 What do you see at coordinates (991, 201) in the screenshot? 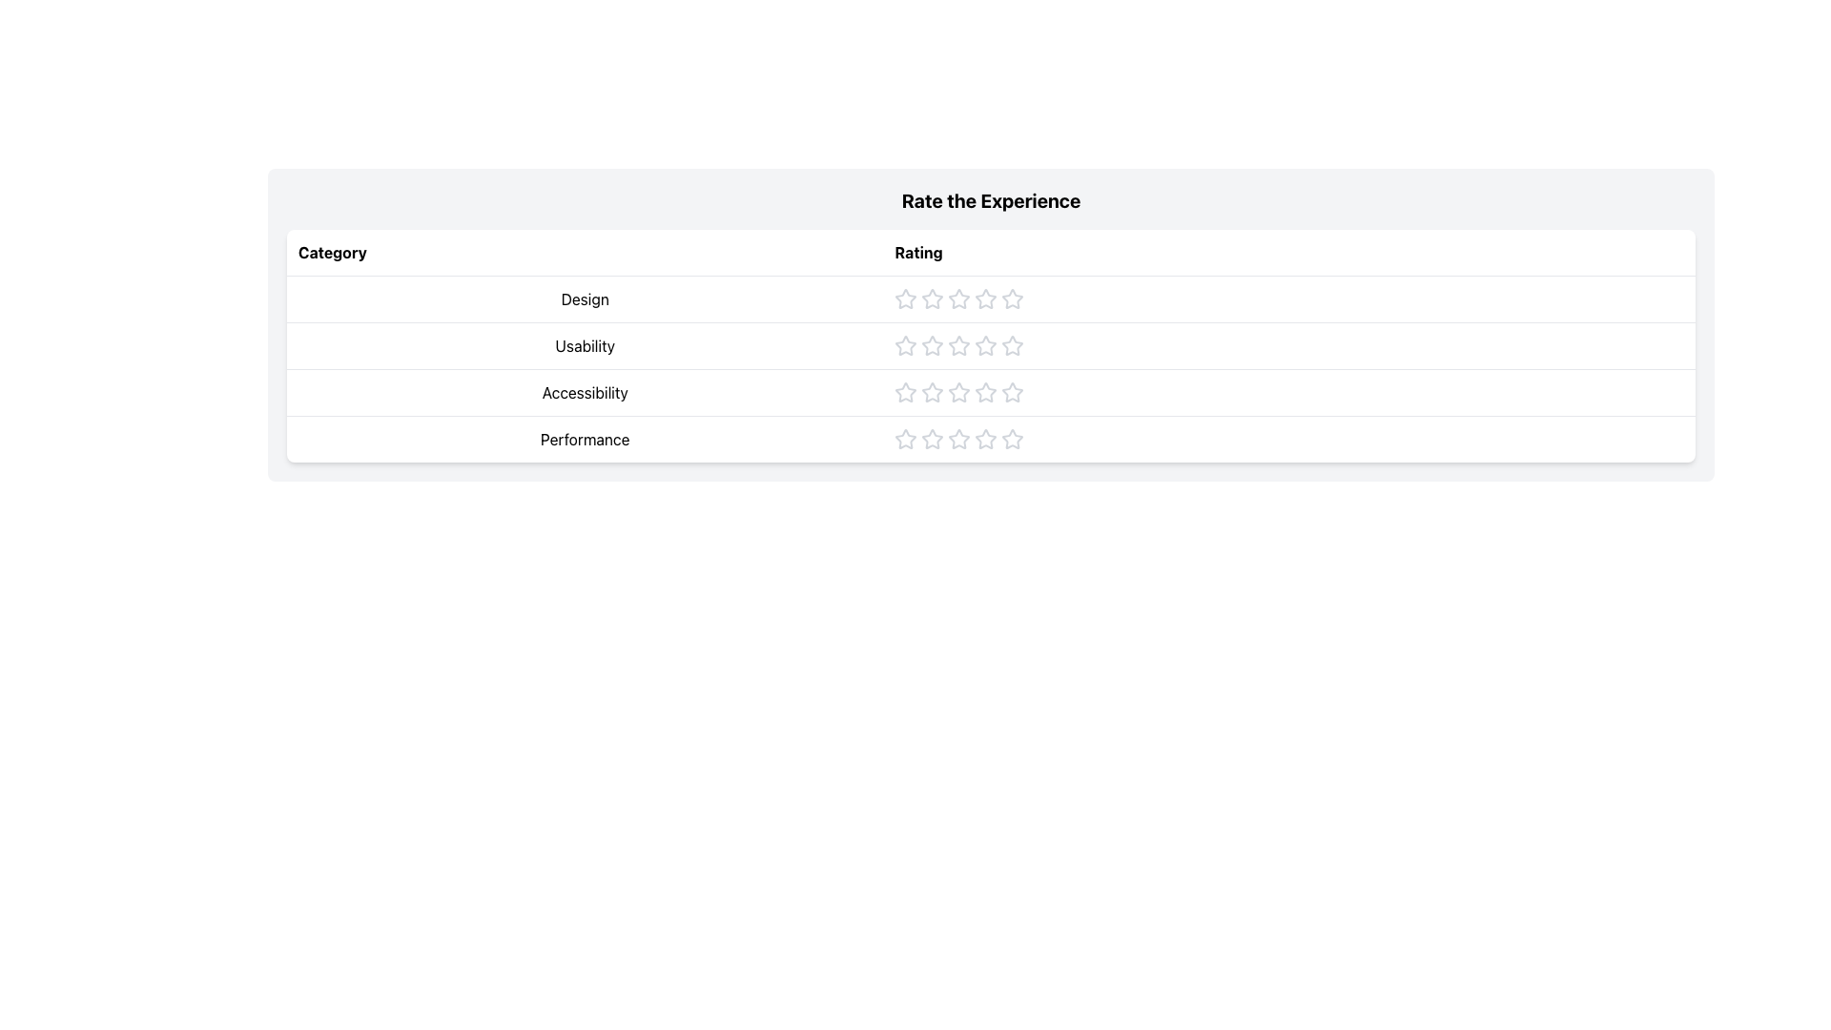
I see `bold header text 'Rate the Experience' located at the top of its section, above a structured table-like component` at bounding box center [991, 201].